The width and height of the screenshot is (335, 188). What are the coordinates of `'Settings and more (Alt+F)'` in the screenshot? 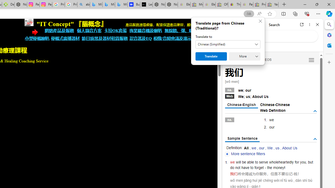 It's located at (318, 13).